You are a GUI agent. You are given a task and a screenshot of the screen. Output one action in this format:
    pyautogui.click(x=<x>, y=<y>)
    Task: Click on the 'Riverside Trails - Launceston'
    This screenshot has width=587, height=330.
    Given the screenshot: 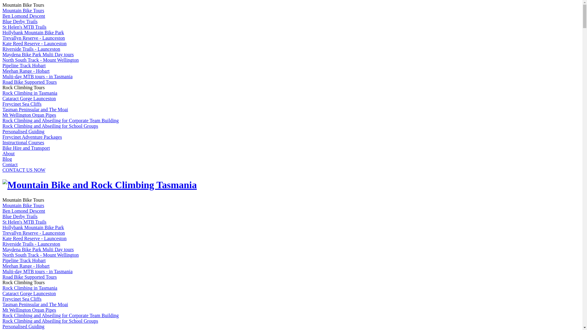 What is the action you would take?
    pyautogui.click(x=2, y=244)
    